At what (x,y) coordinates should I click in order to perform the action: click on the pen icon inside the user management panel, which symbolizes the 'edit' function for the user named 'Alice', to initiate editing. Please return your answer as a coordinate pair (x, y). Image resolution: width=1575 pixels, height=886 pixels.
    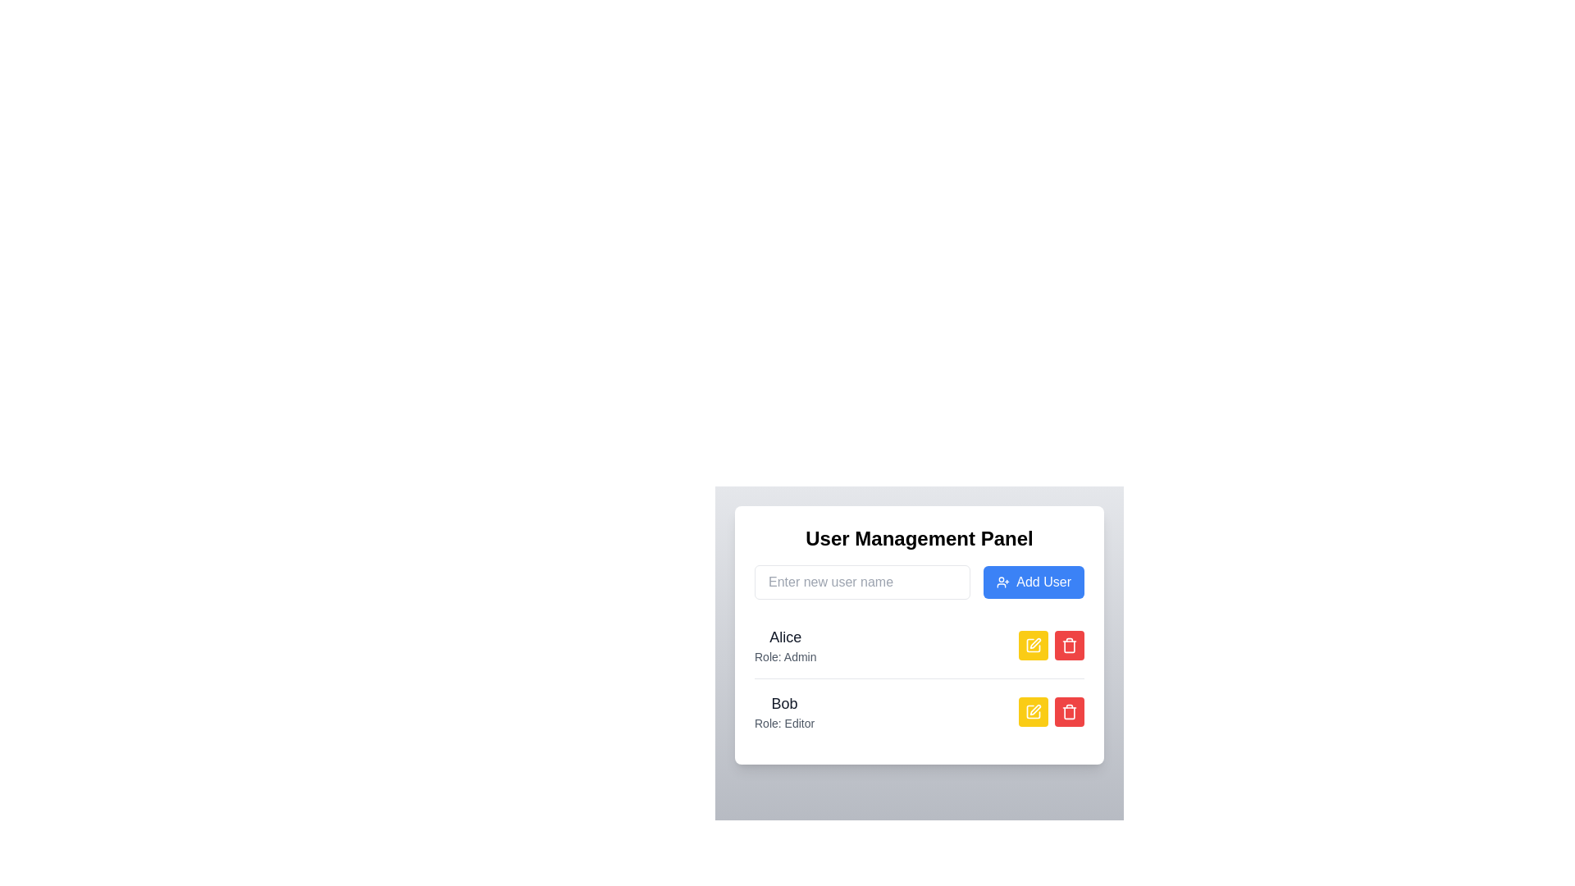
    Looking at the image, I should click on (1032, 644).